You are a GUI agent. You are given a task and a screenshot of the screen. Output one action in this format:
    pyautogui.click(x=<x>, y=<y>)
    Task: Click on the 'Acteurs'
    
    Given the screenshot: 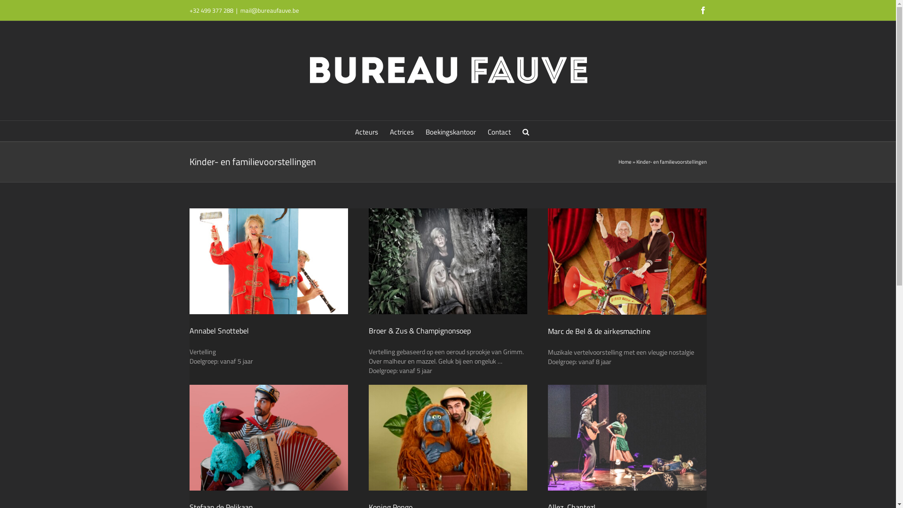 What is the action you would take?
    pyautogui.click(x=366, y=131)
    